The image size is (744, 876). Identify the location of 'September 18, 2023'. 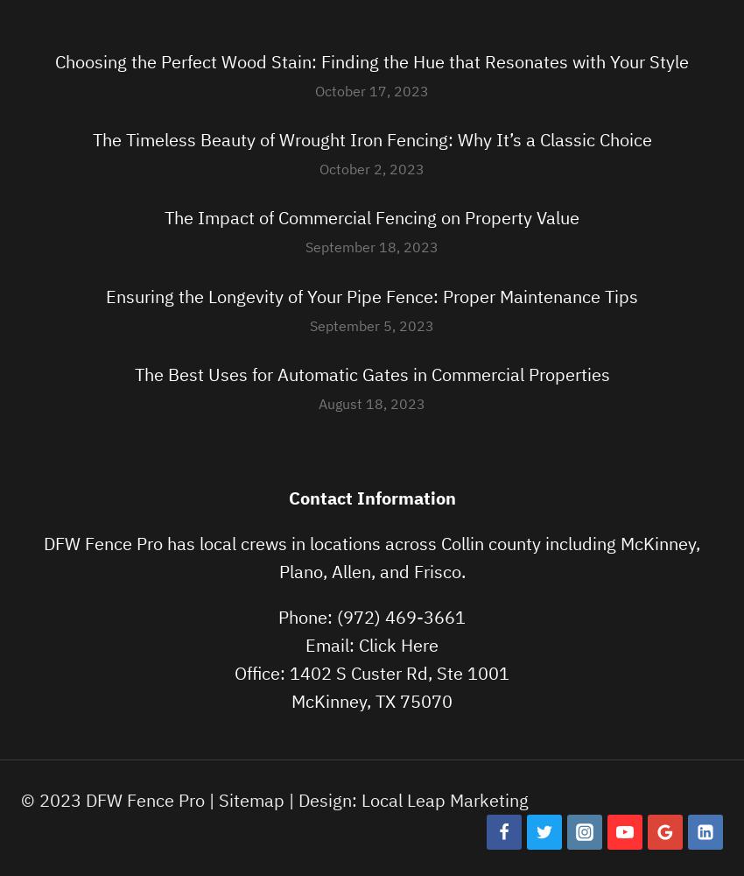
(372, 246).